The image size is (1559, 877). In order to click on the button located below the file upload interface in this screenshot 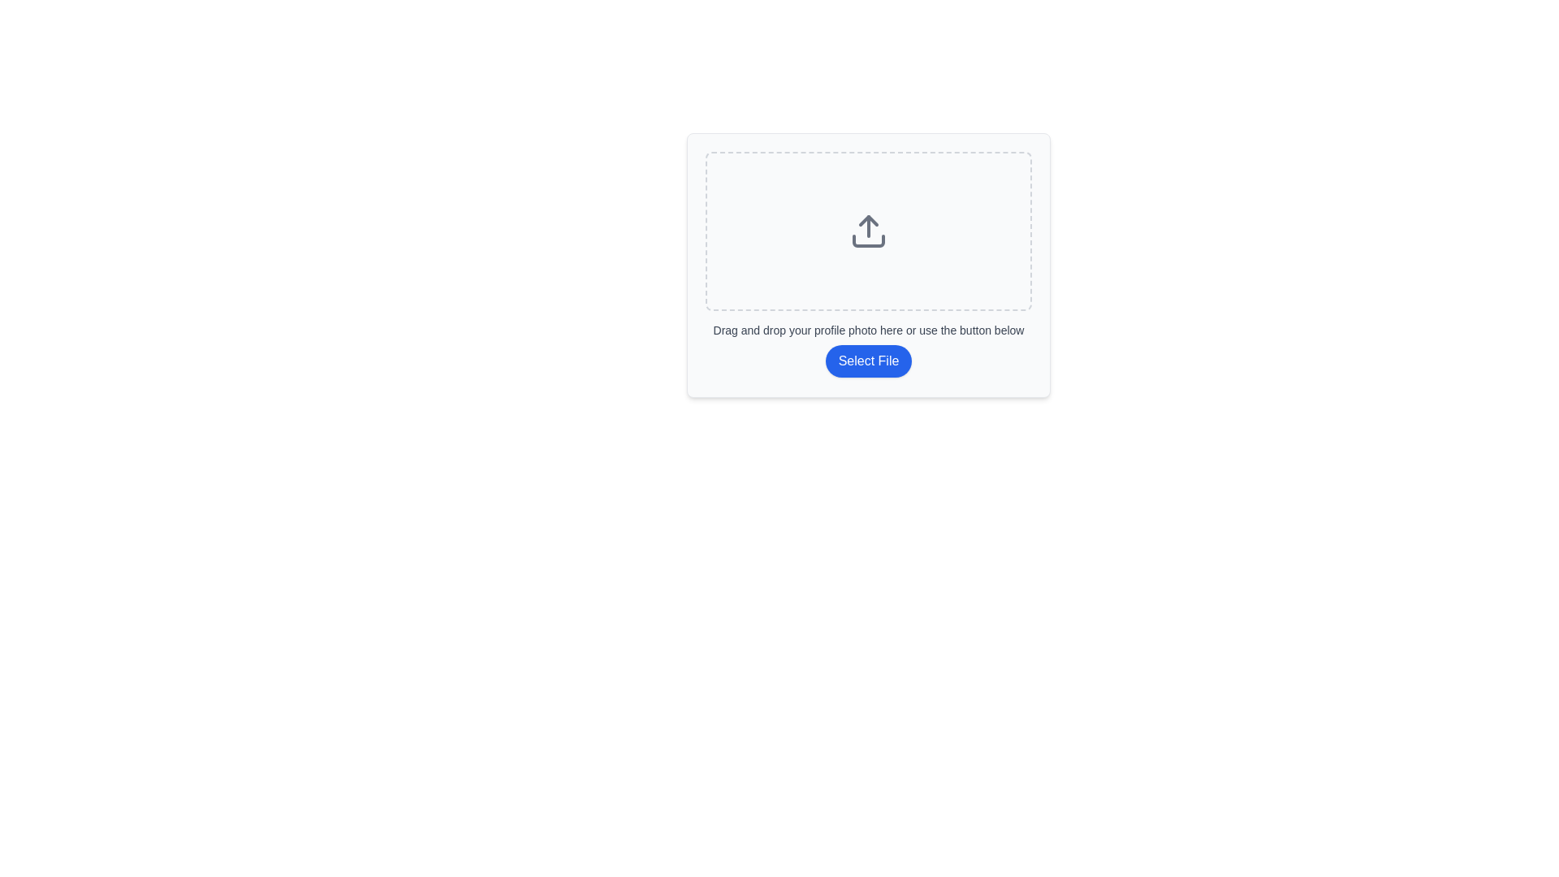, I will do `click(868, 360)`.